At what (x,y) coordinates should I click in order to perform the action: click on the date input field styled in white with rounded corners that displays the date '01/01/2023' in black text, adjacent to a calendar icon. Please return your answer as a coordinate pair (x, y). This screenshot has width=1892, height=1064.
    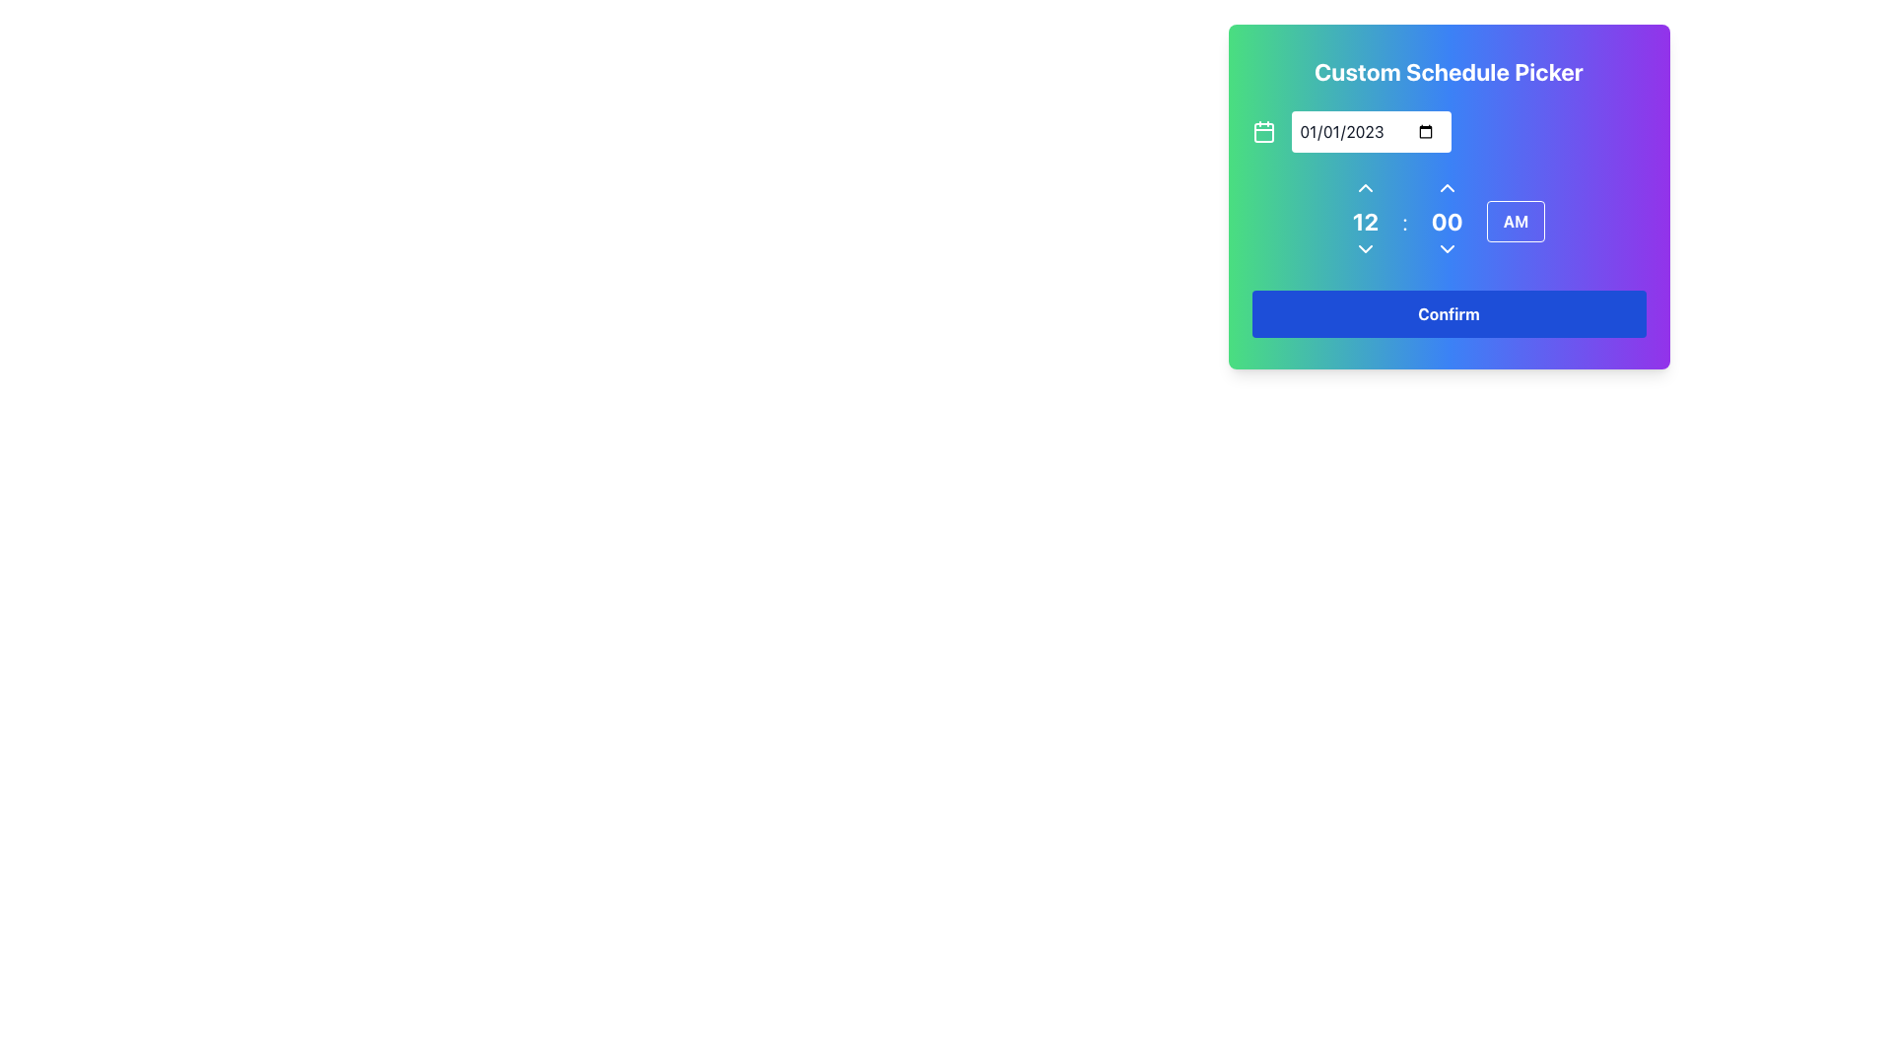
    Looking at the image, I should click on (1370, 132).